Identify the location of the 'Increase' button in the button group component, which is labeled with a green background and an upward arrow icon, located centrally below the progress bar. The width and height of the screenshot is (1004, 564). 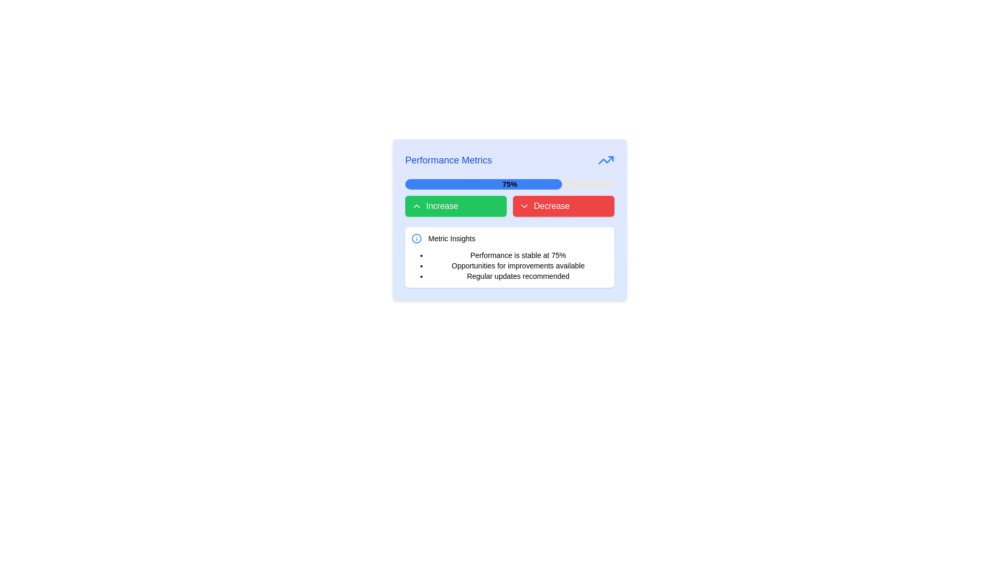
(509, 206).